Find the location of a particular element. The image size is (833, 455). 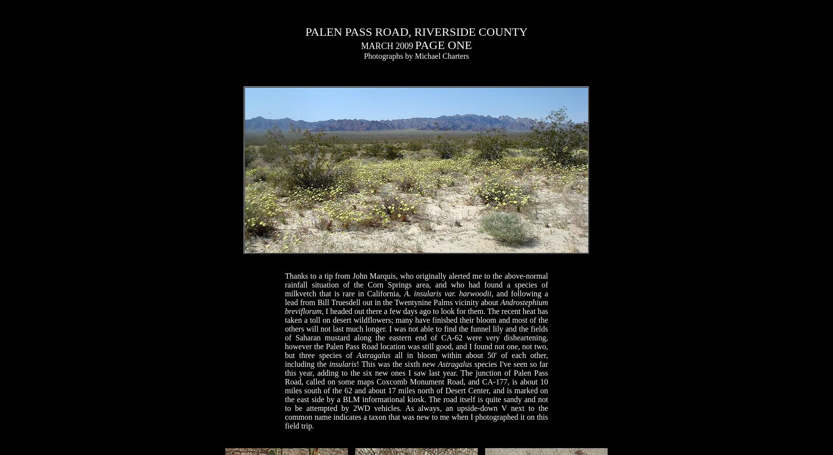

'PALEN PASS ROAD, RIVERSIDE COUNTY' is located at coordinates (305, 31).